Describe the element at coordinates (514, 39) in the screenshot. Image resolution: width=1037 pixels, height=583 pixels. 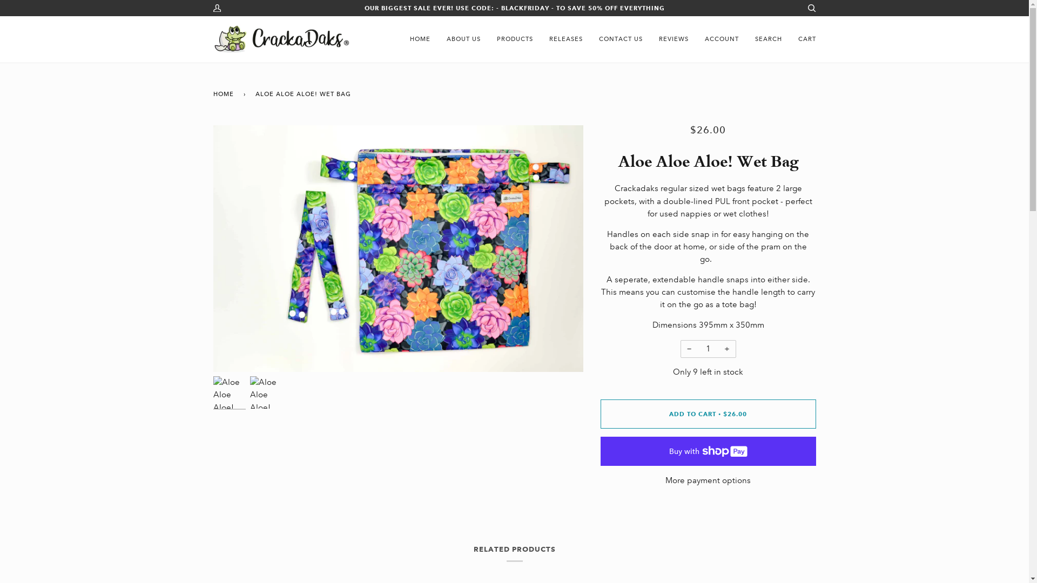
I see `'PRODUCTS'` at that location.